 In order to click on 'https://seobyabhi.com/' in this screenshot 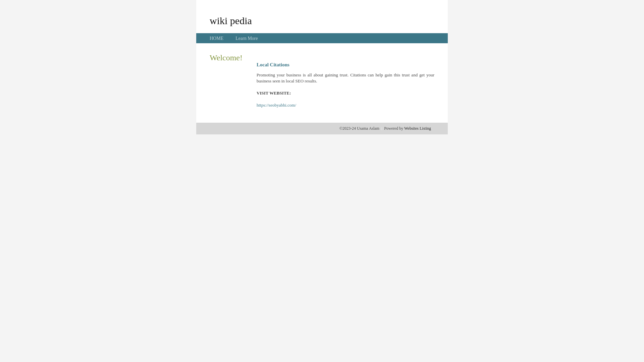, I will do `click(256, 105)`.